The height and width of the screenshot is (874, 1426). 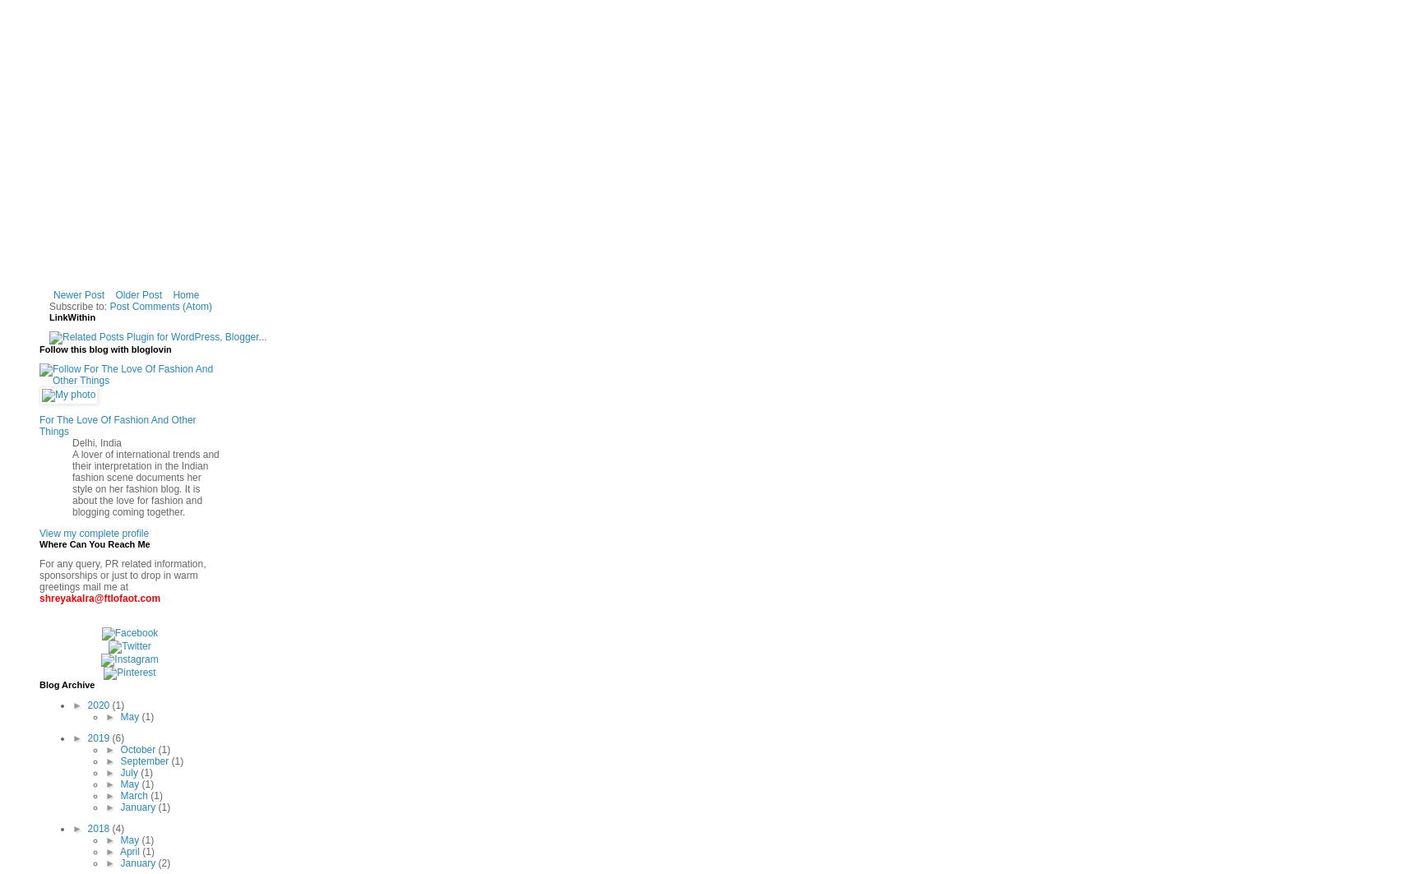 I want to click on 'July', so click(x=130, y=772).